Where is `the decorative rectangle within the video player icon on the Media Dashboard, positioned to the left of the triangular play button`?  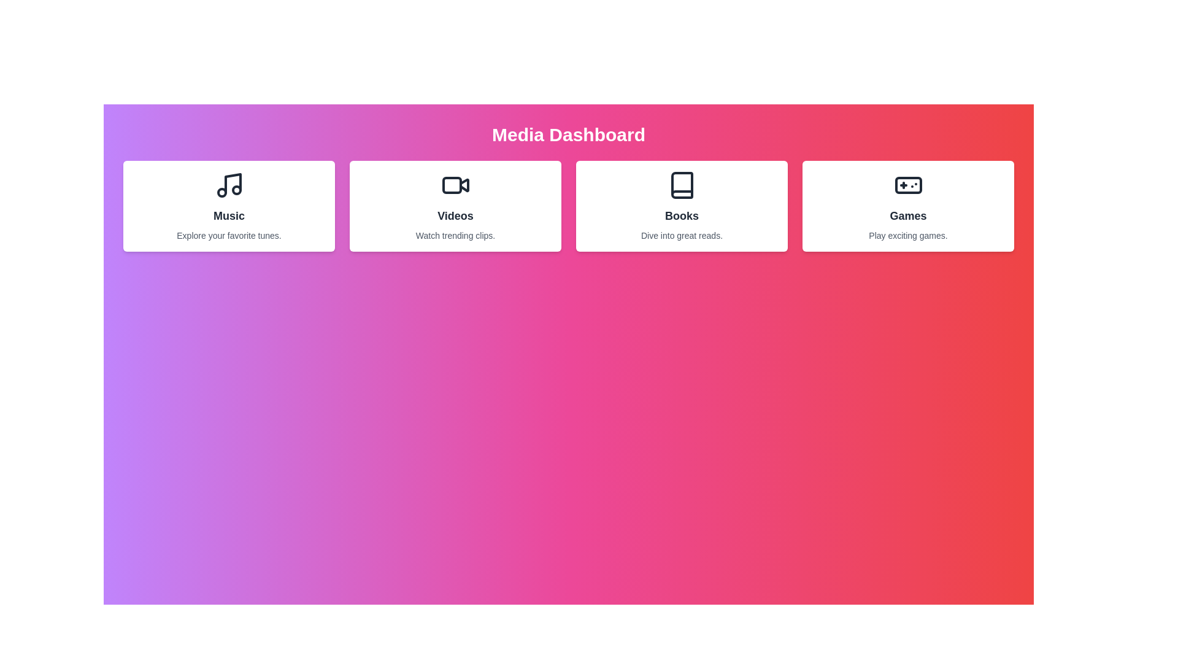 the decorative rectangle within the video player icon on the Media Dashboard, positioned to the left of the triangular play button is located at coordinates (451, 185).